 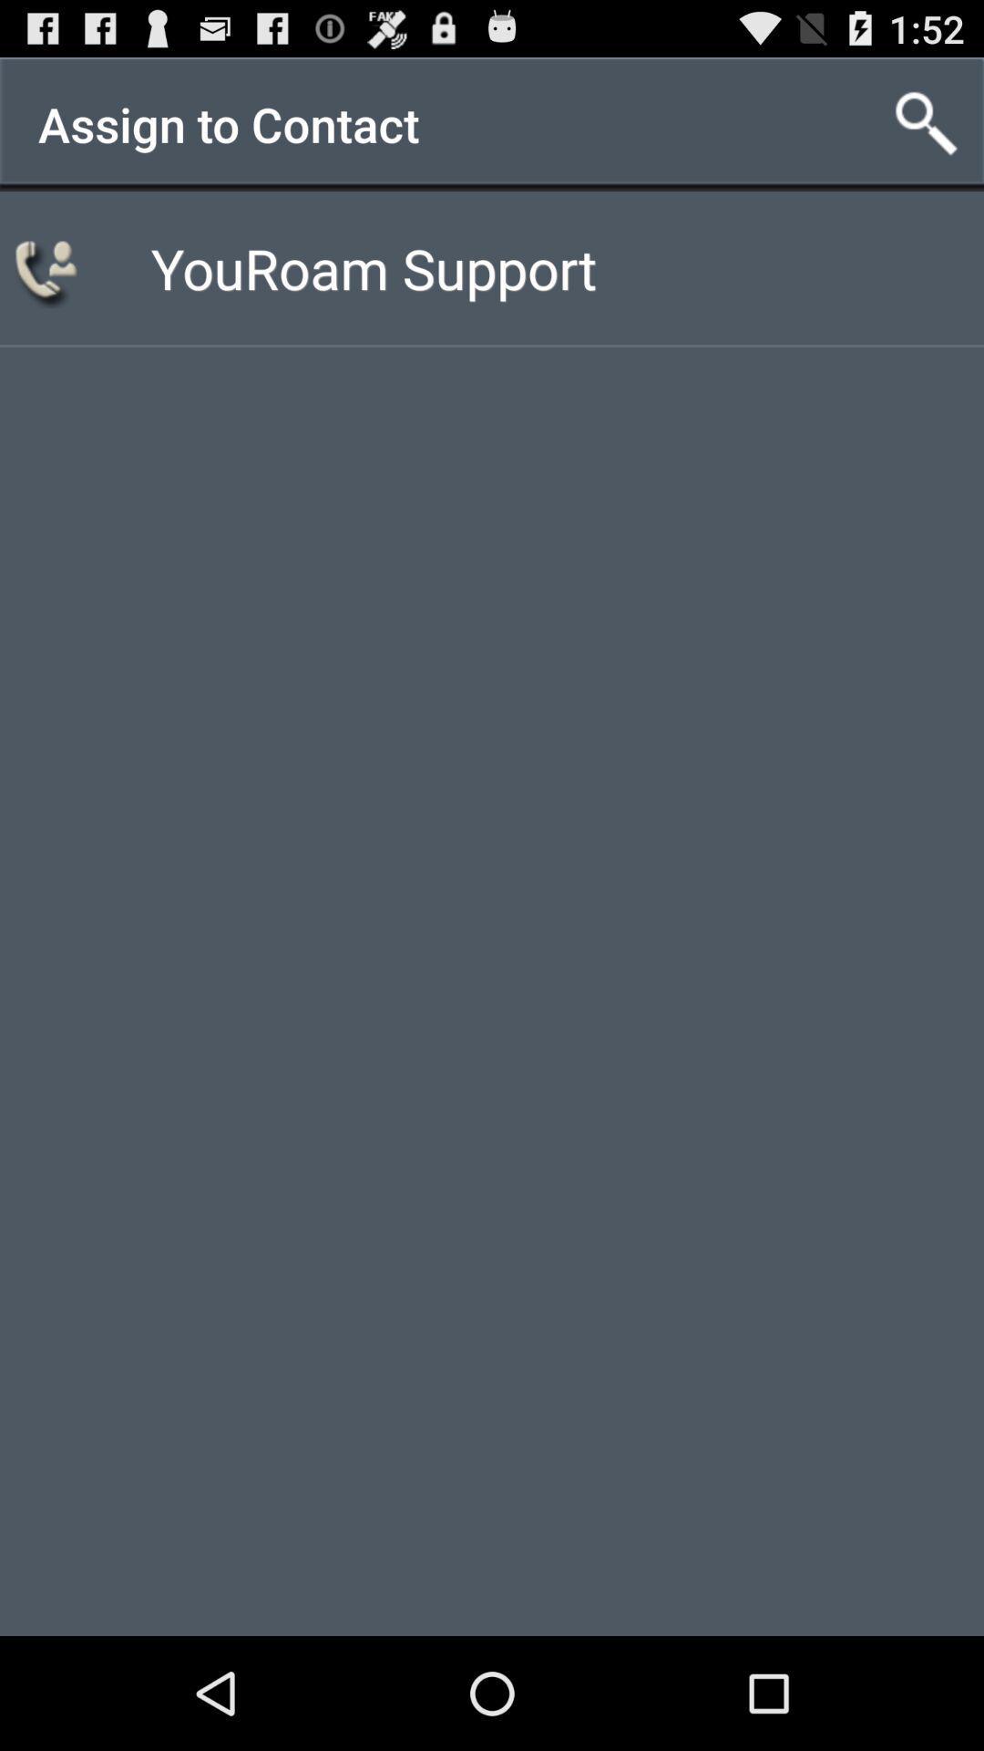 What do you see at coordinates (373, 266) in the screenshot?
I see `youroam support icon` at bounding box center [373, 266].